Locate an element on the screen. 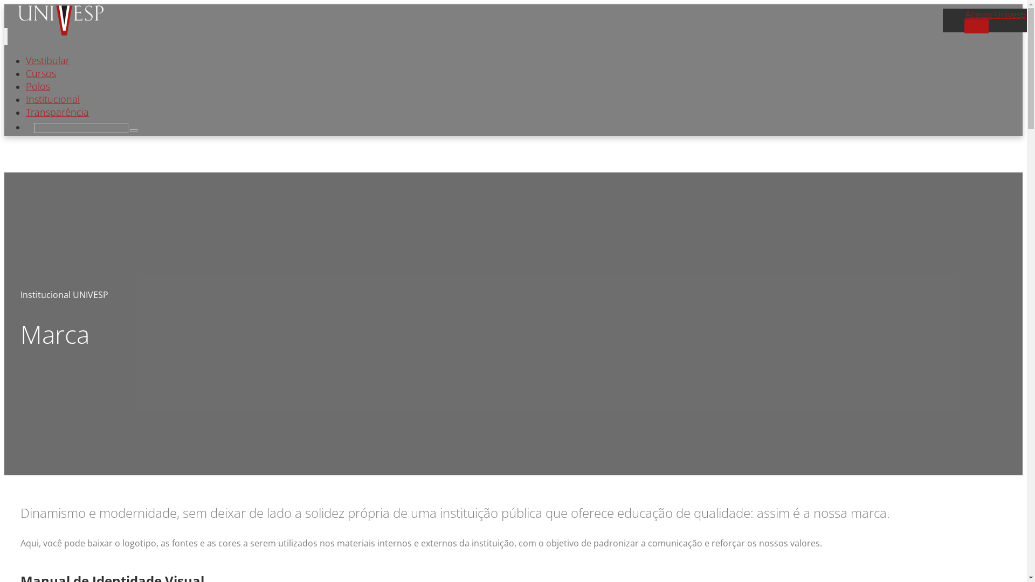  'Cursos' is located at coordinates (41, 73).